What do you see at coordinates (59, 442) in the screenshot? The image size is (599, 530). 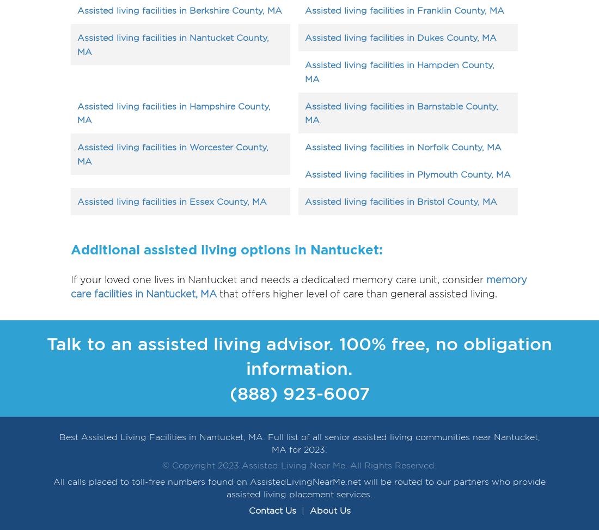 I see `'Best Assisted Living Facilities in Nantucket, MA. Full list of all senior assisted living communities near Nantucket, MA for 2023.'` at bounding box center [59, 442].